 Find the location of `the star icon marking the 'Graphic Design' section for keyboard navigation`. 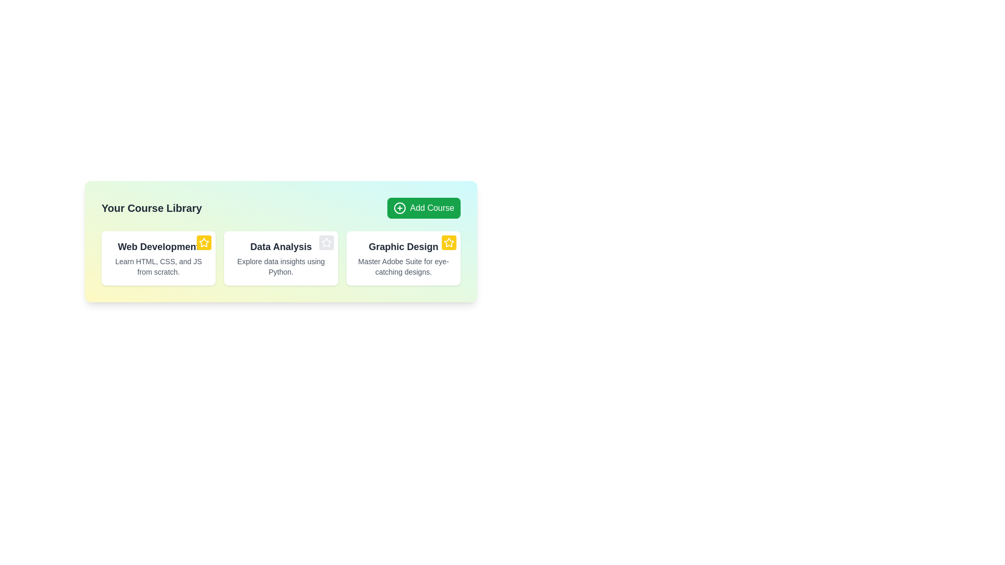

the star icon marking the 'Graphic Design' section for keyboard navigation is located at coordinates (326, 242).